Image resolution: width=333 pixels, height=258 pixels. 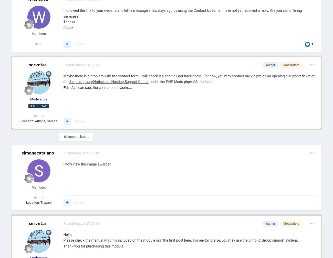 What do you see at coordinates (180, 240) in the screenshot?
I see `'Please check the manual which is included on the module orin the first post here. For anything else, you may use the SimpilotGroup support system.'` at bounding box center [180, 240].